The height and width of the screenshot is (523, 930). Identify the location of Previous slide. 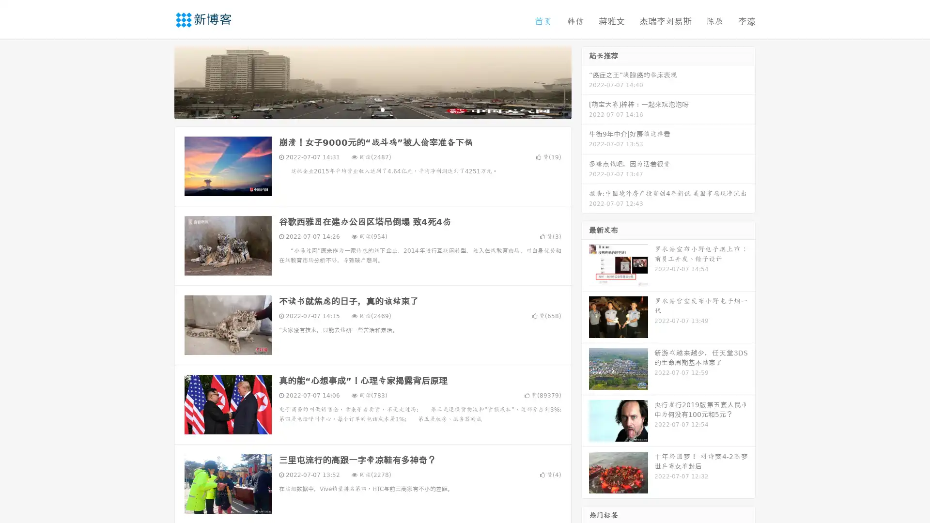
(160, 81).